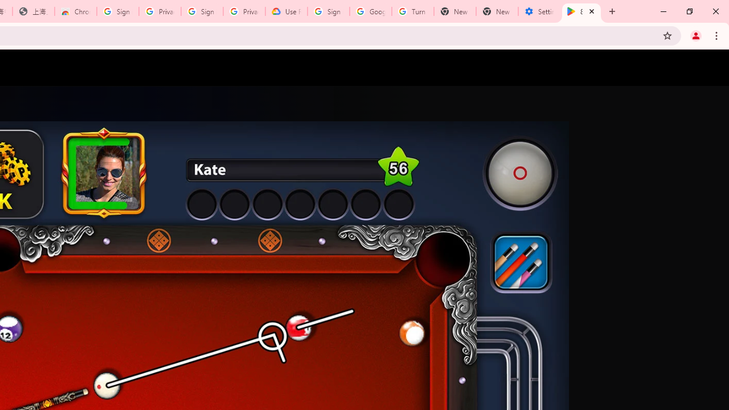 This screenshot has height=410, width=729. What do you see at coordinates (371, 11) in the screenshot?
I see `'Google Account Help'` at bounding box center [371, 11].